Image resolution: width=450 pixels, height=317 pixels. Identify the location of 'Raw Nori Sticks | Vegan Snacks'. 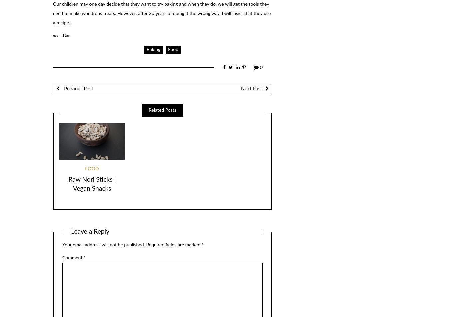
(91, 183).